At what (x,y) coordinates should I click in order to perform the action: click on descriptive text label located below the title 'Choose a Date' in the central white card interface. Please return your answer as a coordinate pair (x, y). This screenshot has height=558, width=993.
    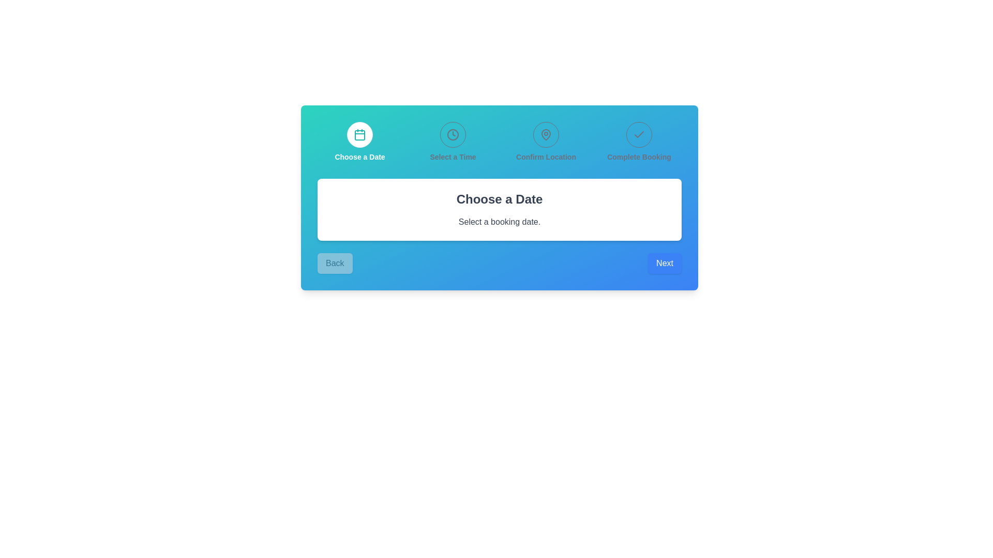
    Looking at the image, I should click on (499, 221).